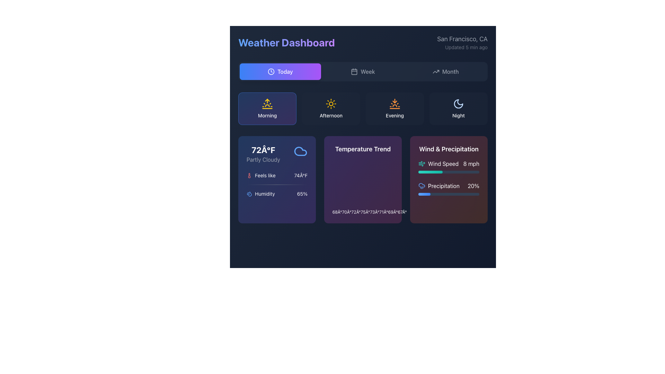  Describe the element at coordinates (356, 211) in the screenshot. I see `the temperature value displayed in the third temperature indicator element, which shows '72°' with a gradient bar above it` at that location.